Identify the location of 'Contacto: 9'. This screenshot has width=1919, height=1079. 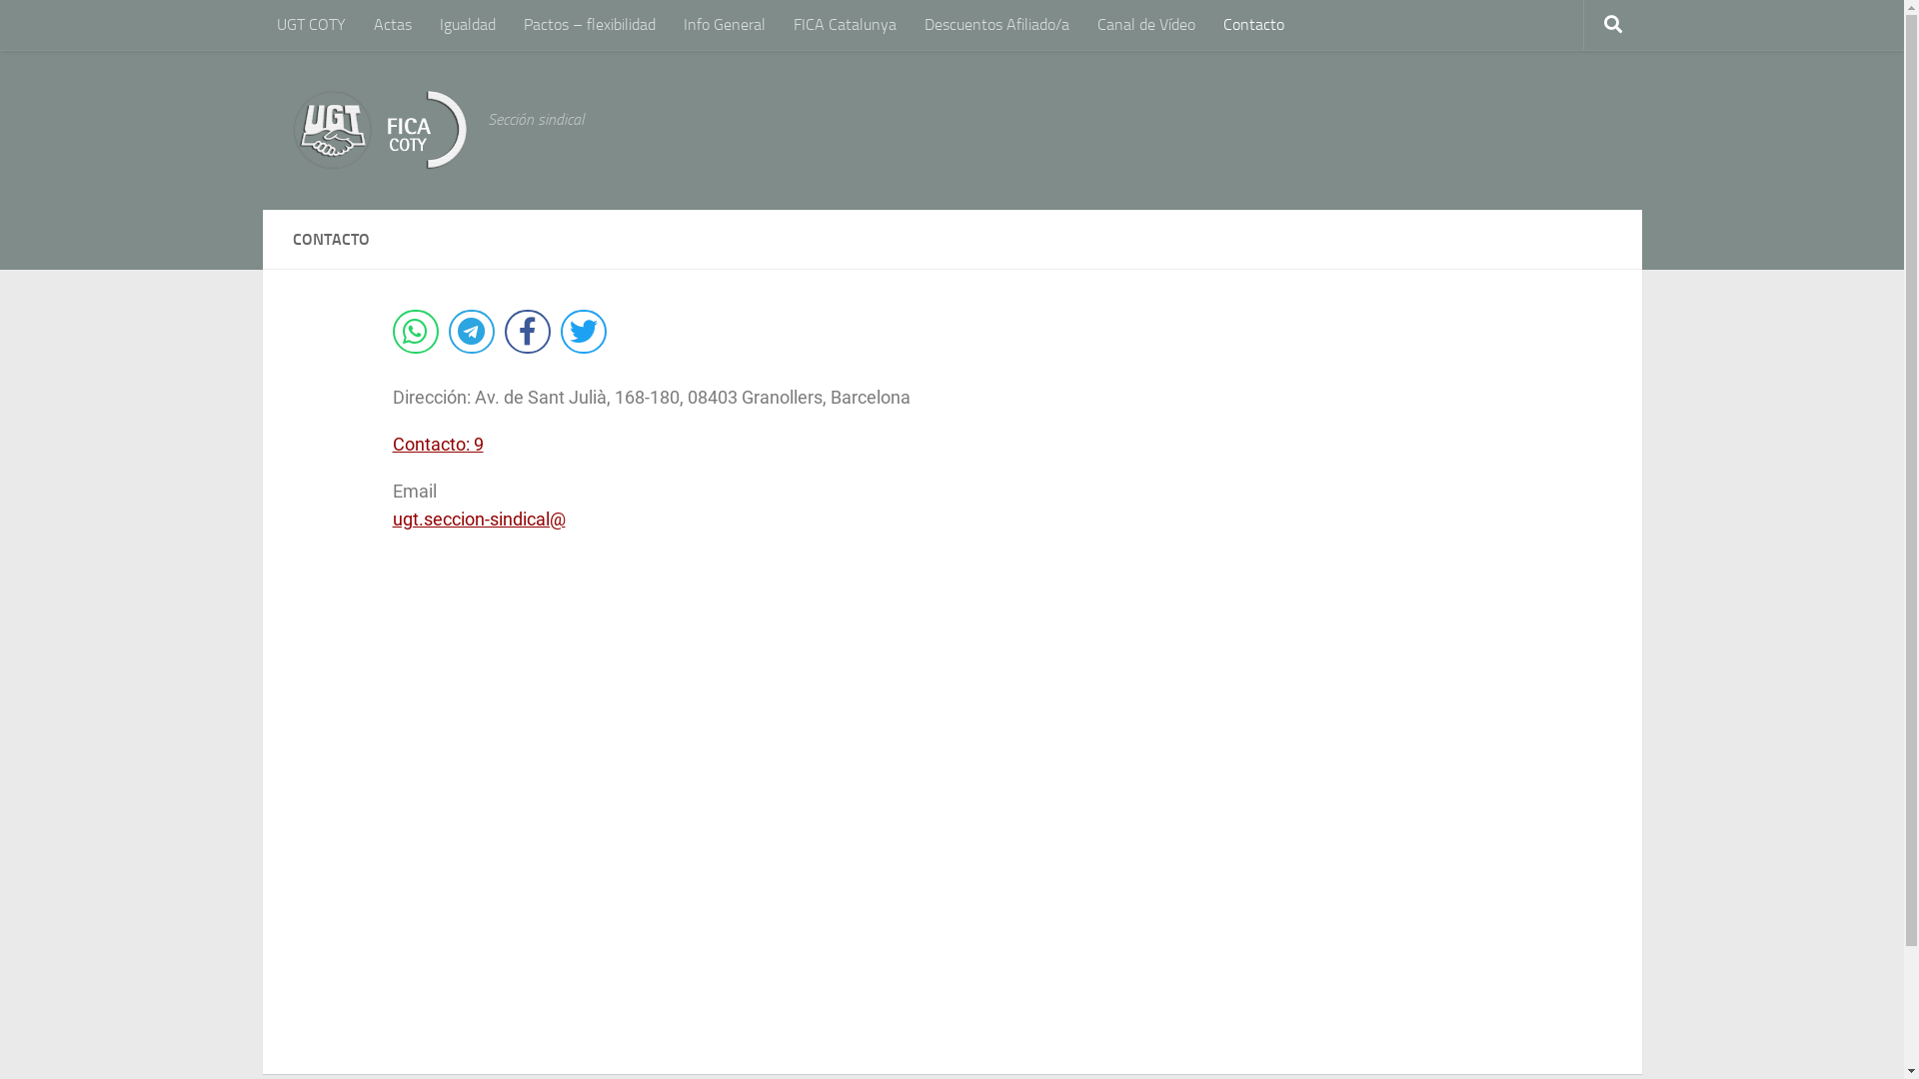
(436, 443).